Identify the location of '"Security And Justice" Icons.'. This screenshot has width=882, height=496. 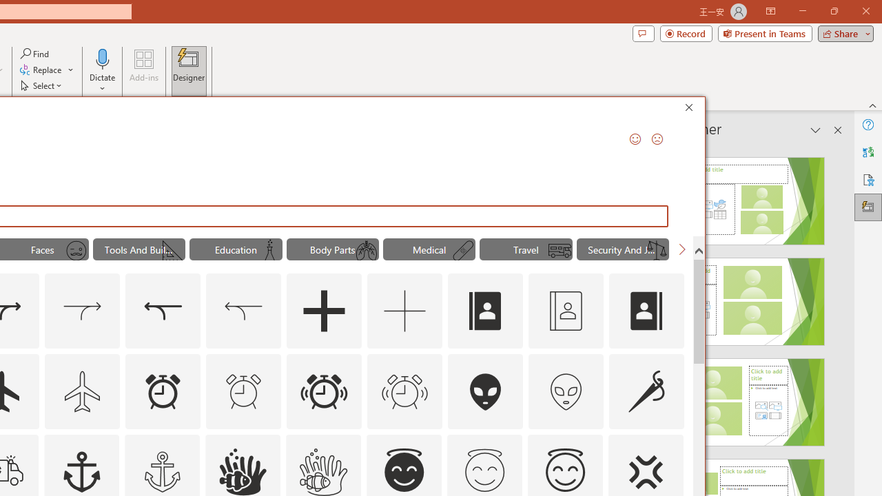
(622, 249).